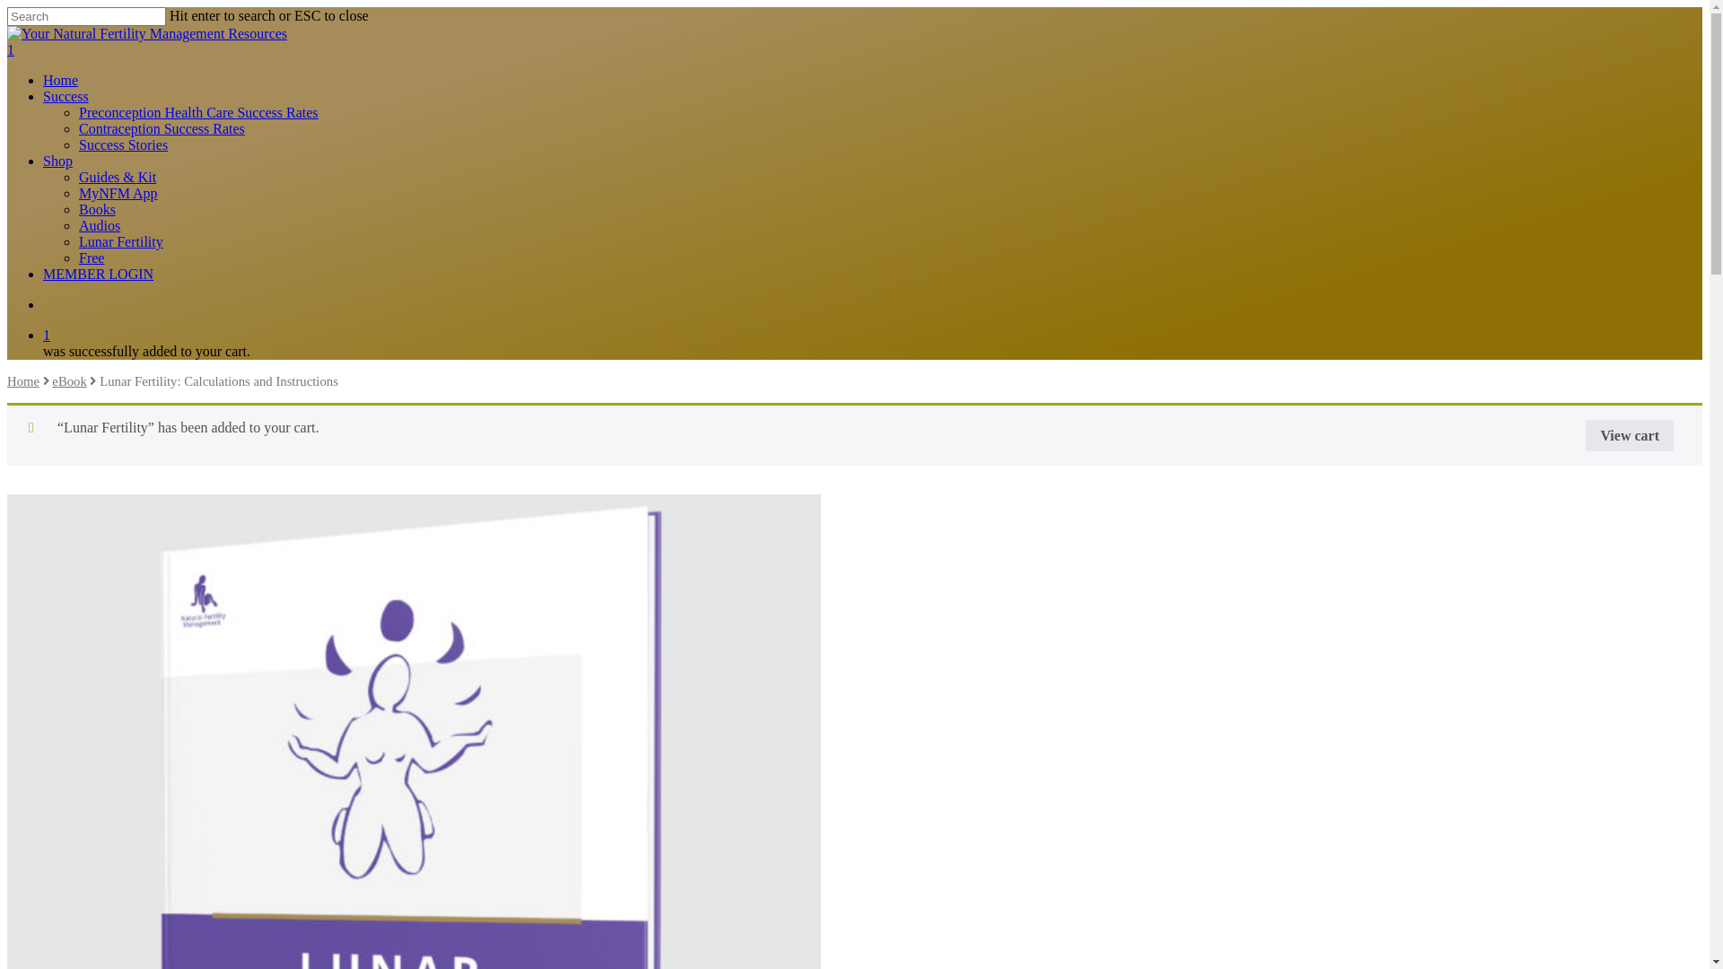 The height and width of the screenshot is (969, 1723). What do you see at coordinates (77, 112) in the screenshot?
I see `'Preconception Health Care Success Rates'` at bounding box center [77, 112].